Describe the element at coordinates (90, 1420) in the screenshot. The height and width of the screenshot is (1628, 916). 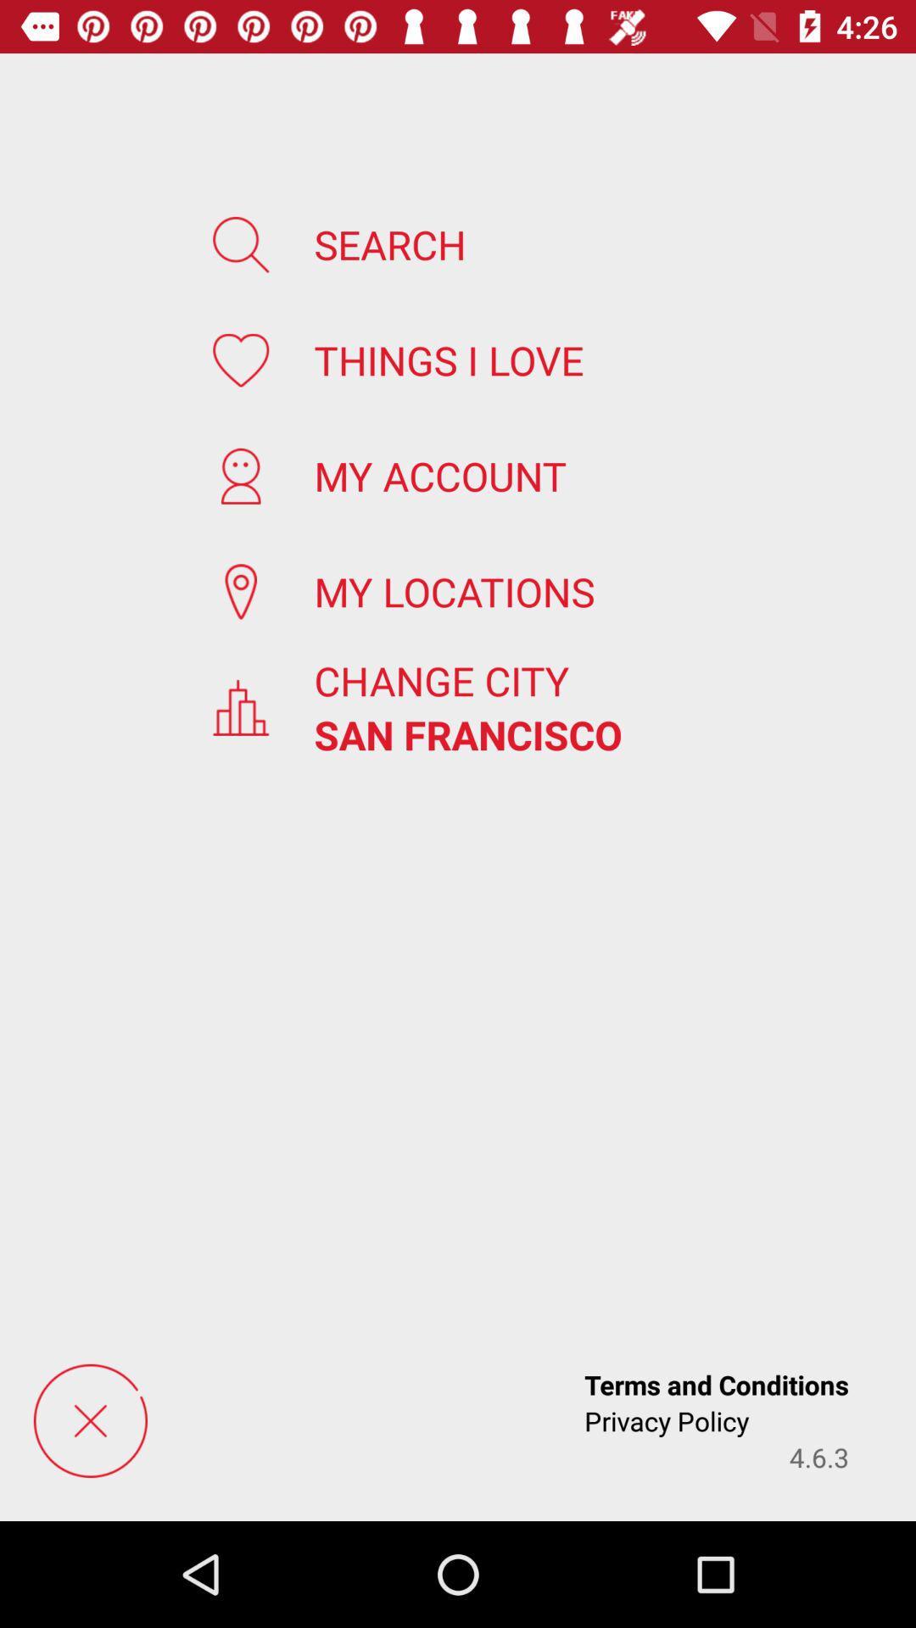
I see `cancel load` at that location.